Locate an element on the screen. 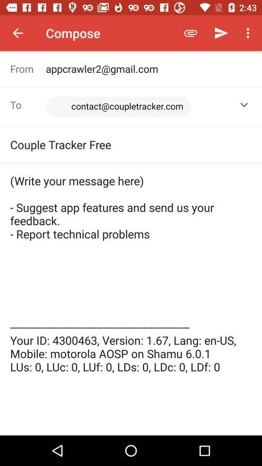 The width and height of the screenshot is (262, 466). write your message item is located at coordinates (131, 274).